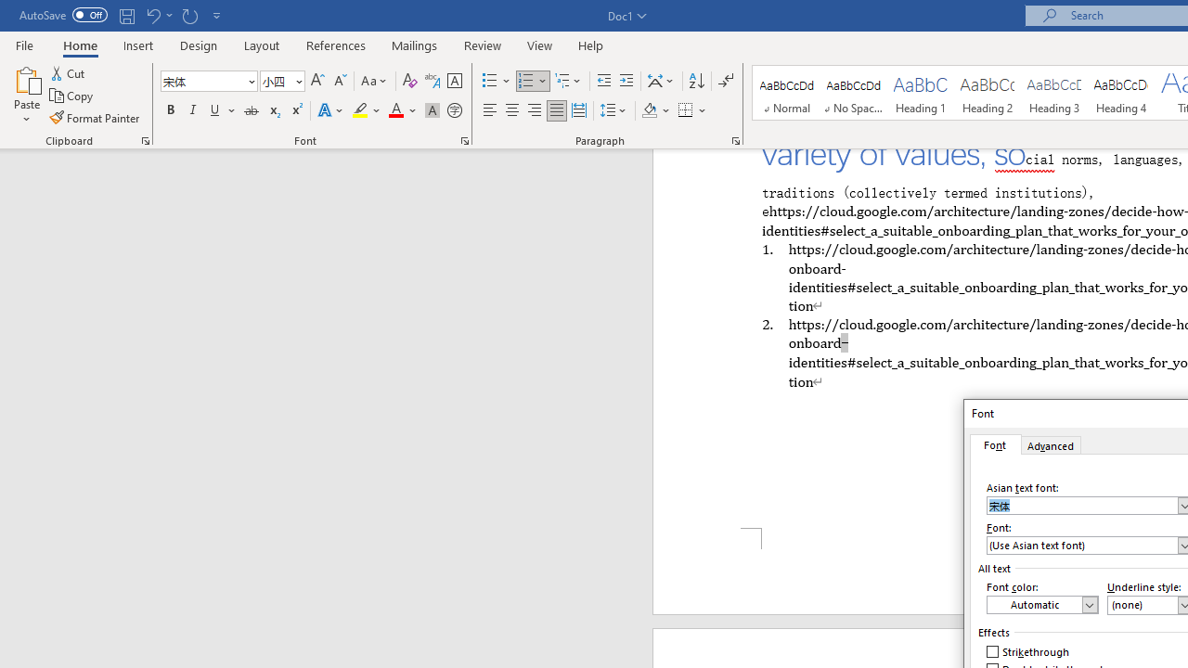 The image size is (1188, 668). Describe the element at coordinates (121, 15) in the screenshot. I see `'Quick Access Toolbar'` at that location.